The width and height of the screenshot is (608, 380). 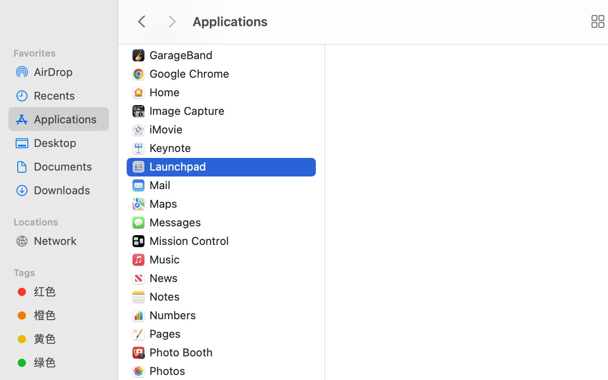 What do you see at coordinates (67, 95) in the screenshot?
I see `'Recents'` at bounding box center [67, 95].